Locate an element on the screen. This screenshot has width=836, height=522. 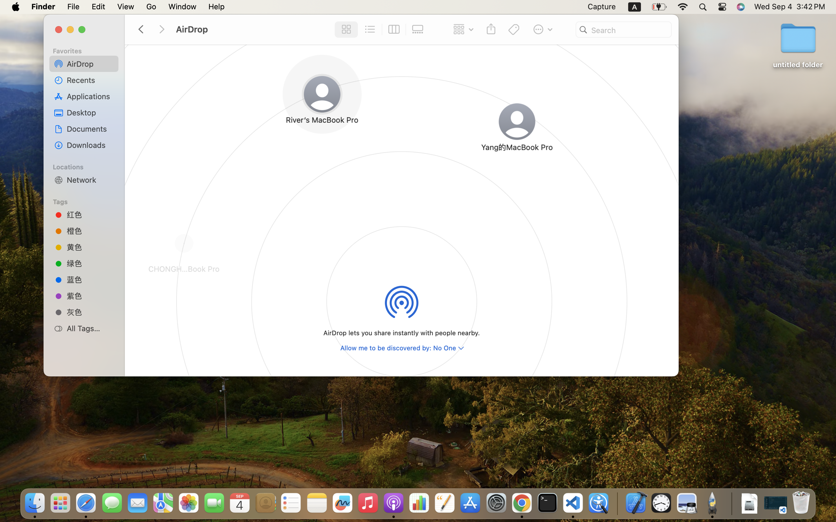
'Locations' is located at coordinates (87, 166).